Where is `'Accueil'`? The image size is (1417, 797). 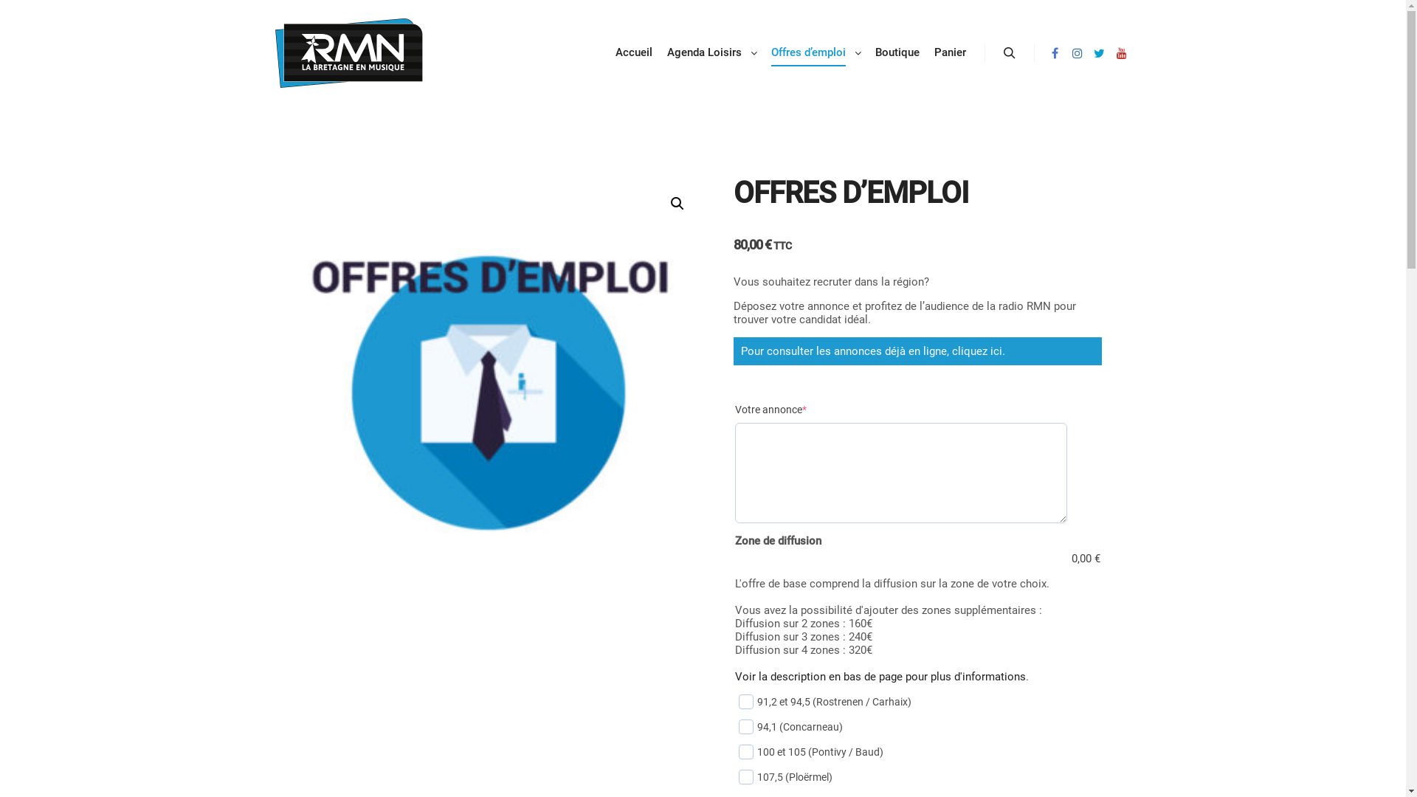 'Accueil' is located at coordinates (634, 52).